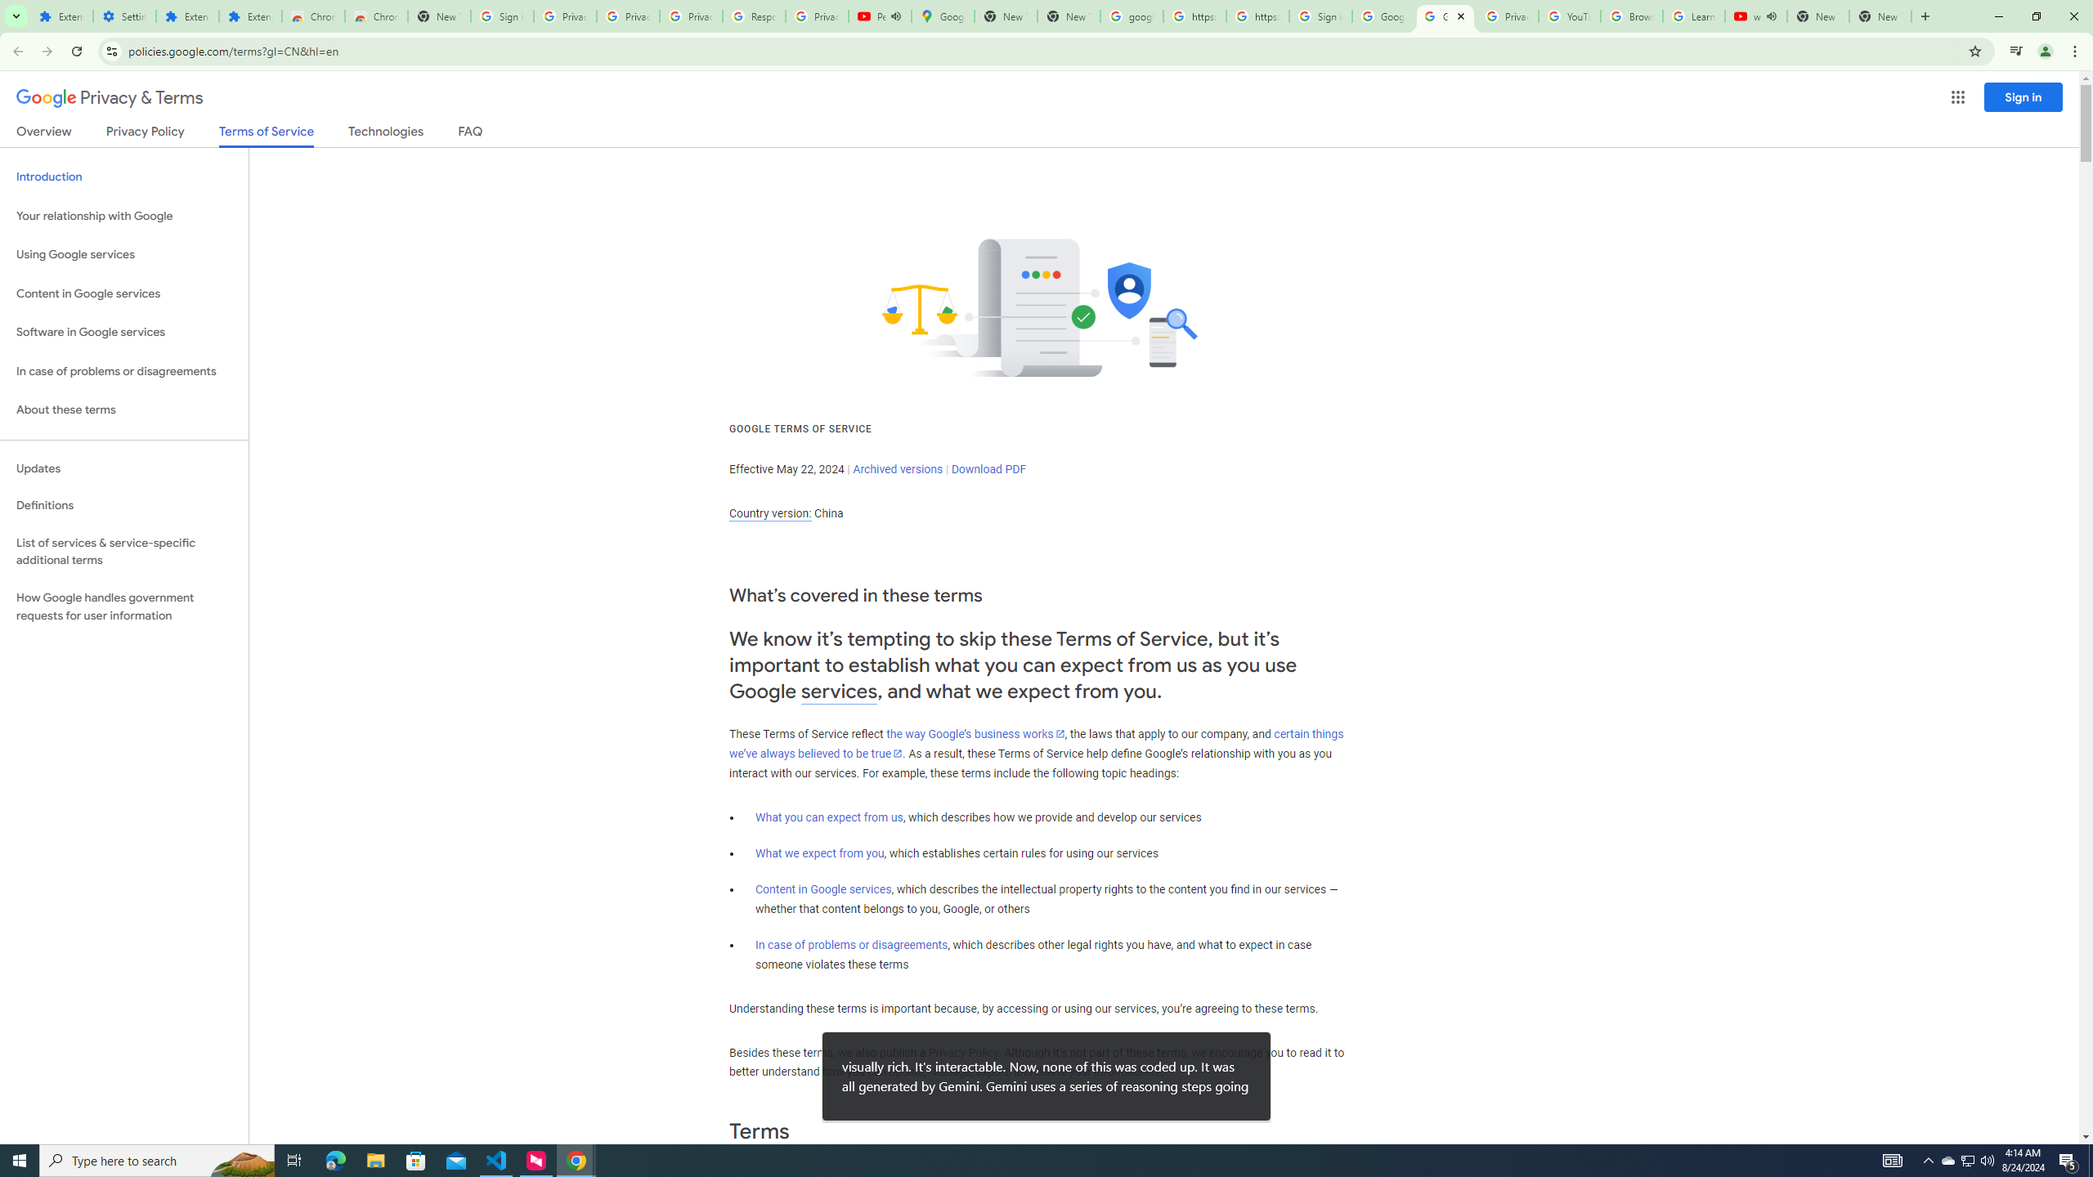 The image size is (2093, 1177). What do you see at coordinates (123, 253) in the screenshot?
I see `'Using Google services'` at bounding box center [123, 253].